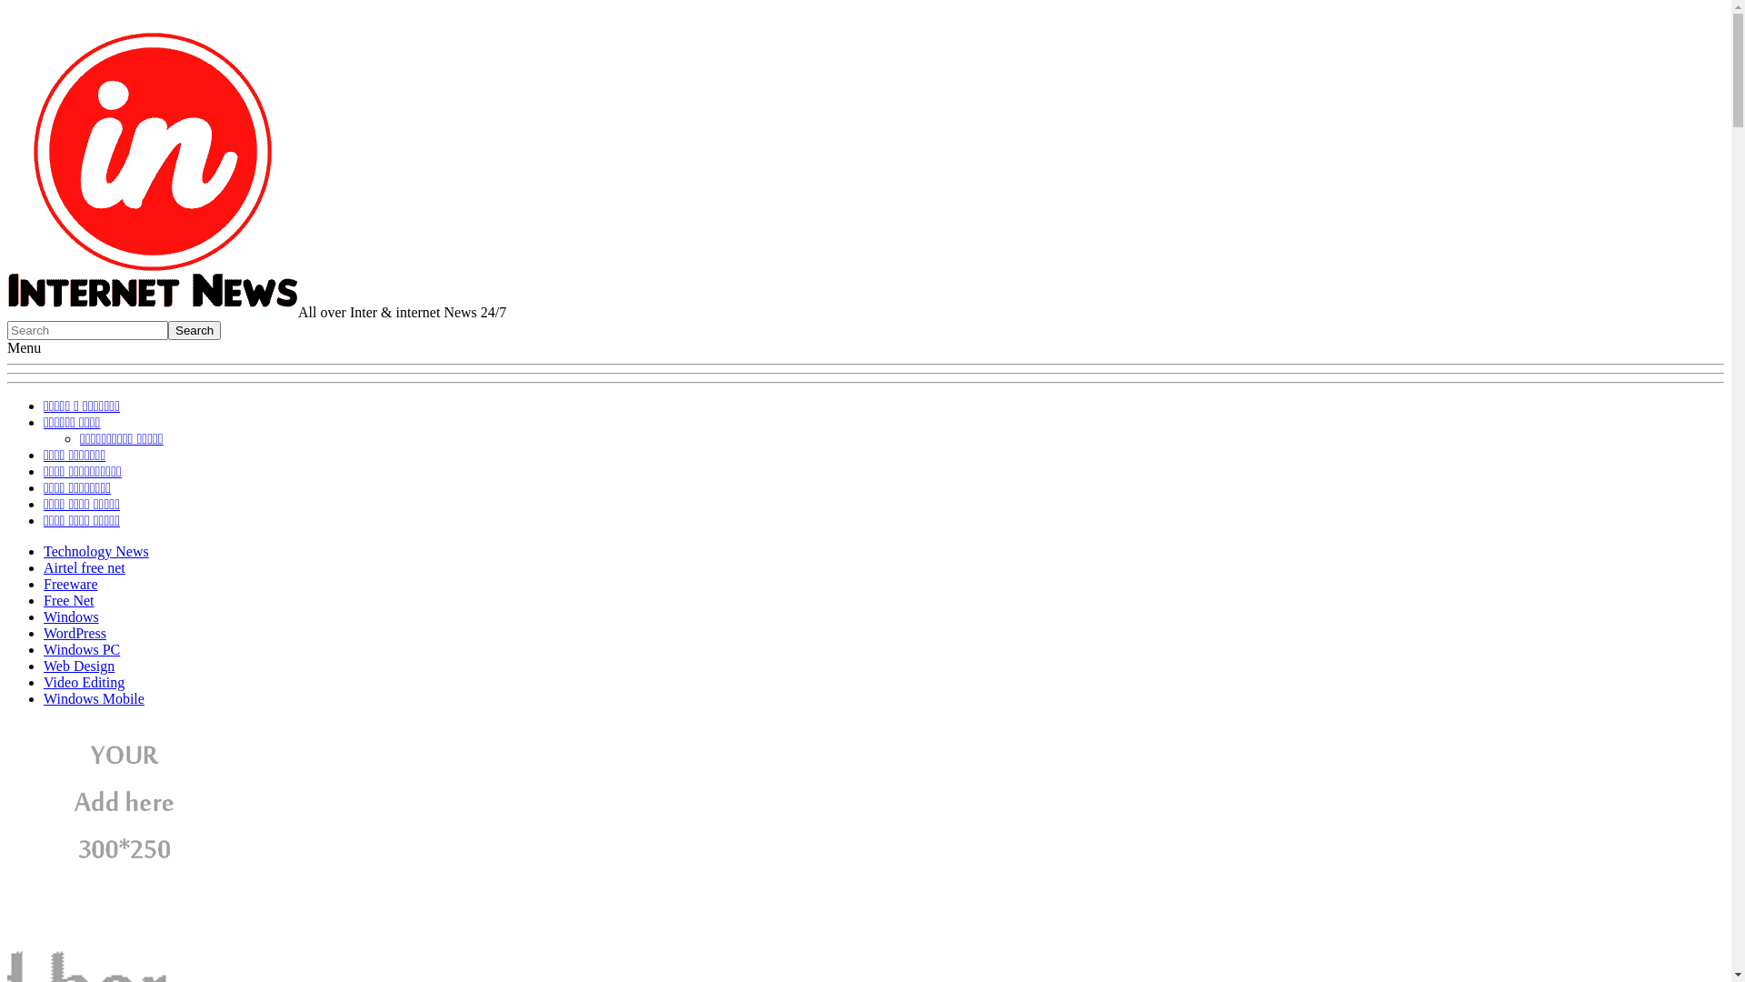  I want to click on 'Search', so click(7, 330).